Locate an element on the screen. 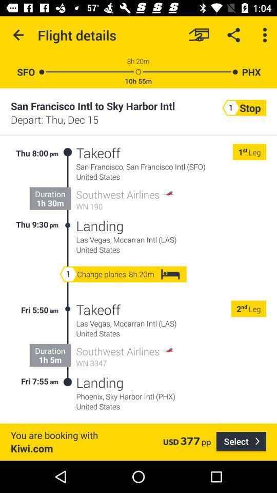 Image resolution: width=277 pixels, height=493 pixels. phoenix sky harbor item is located at coordinates (171, 396).